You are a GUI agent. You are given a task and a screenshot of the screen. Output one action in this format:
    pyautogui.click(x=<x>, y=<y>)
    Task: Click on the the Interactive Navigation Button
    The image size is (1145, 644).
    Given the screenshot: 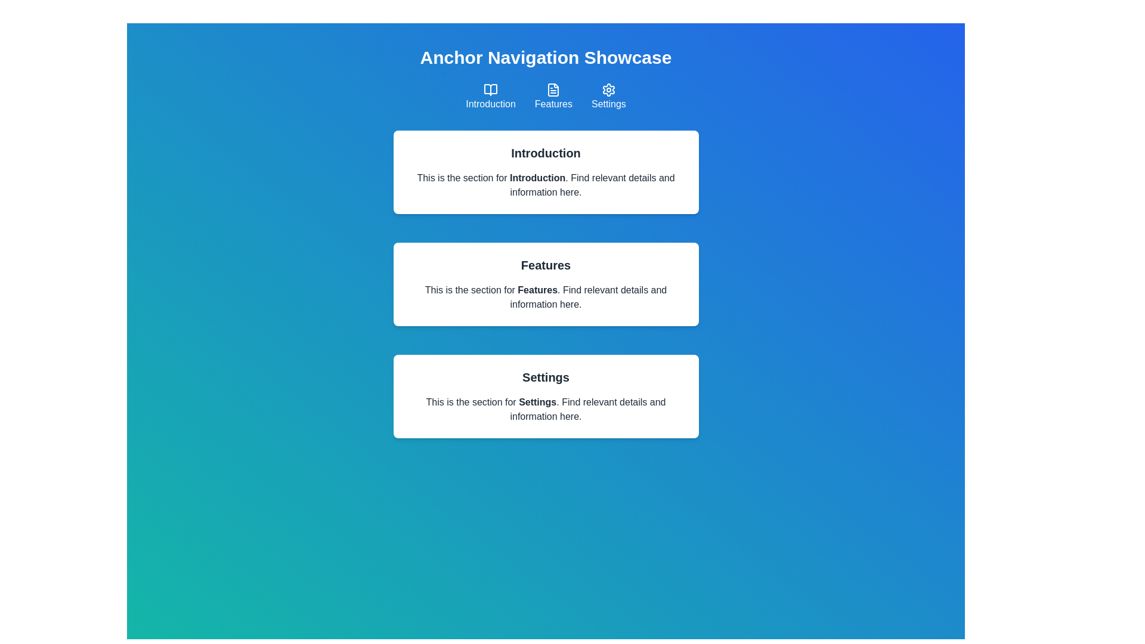 What is the action you would take?
    pyautogui.click(x=491, y=96)
    